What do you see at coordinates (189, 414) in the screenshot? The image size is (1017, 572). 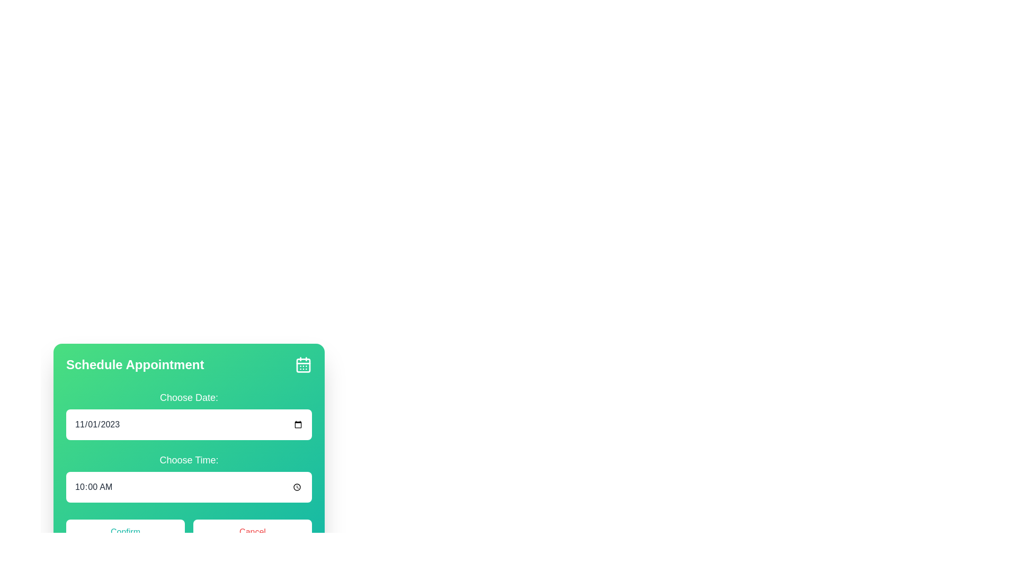 I see `the Date input field located below the 'Schedule Appointment' heading to focus on it` at bounding box center [189, 414].